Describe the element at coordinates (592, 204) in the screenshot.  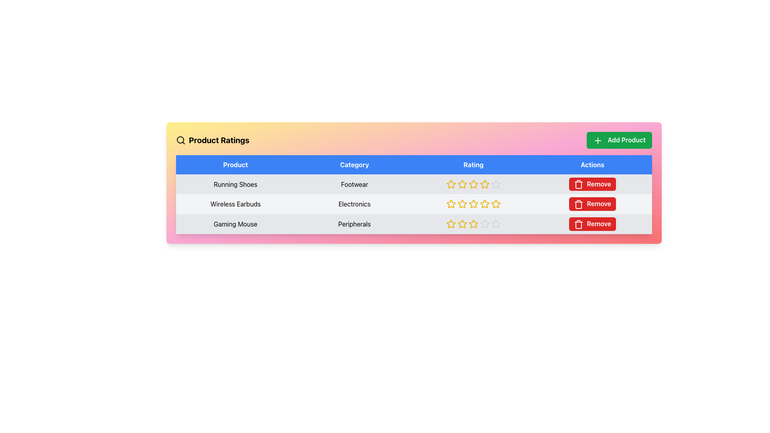
I see `the remove button located in the second row under the 'Actions' column` at that location.